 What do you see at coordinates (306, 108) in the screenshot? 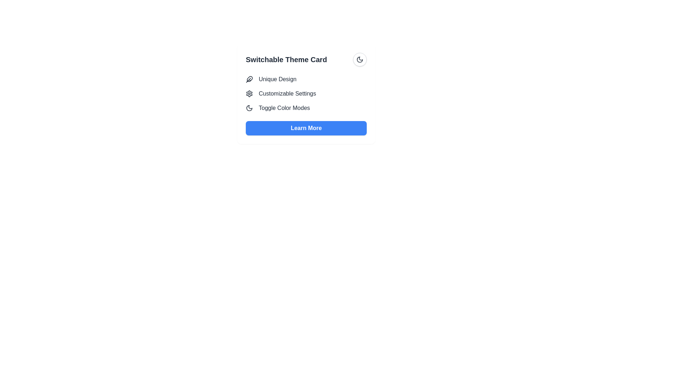
I see `the Text Label with Icon, which is the third item in a vertical list inside a card layout, positioned below 'Customizable Settings' and above the 'Learn More' button` at bounding box center [306, 108].